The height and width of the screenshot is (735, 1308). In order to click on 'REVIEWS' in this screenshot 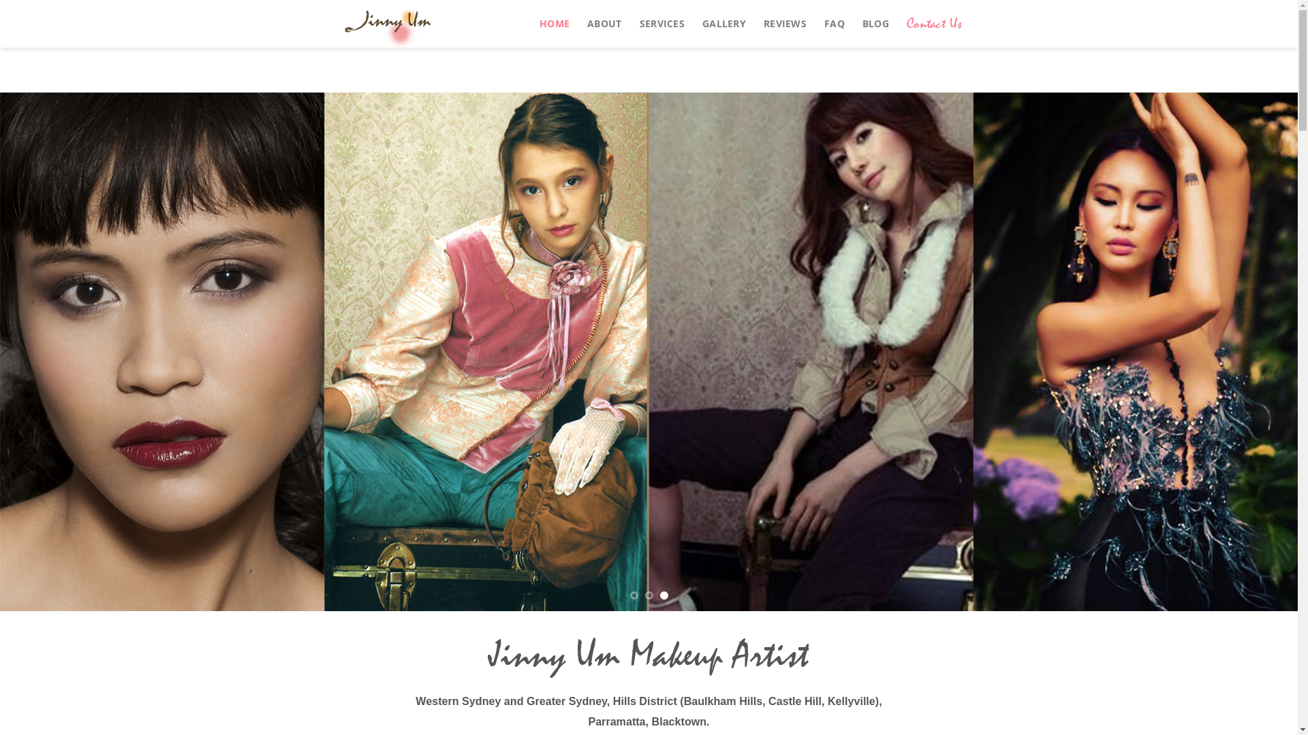, I will do `click(785, 23)`.